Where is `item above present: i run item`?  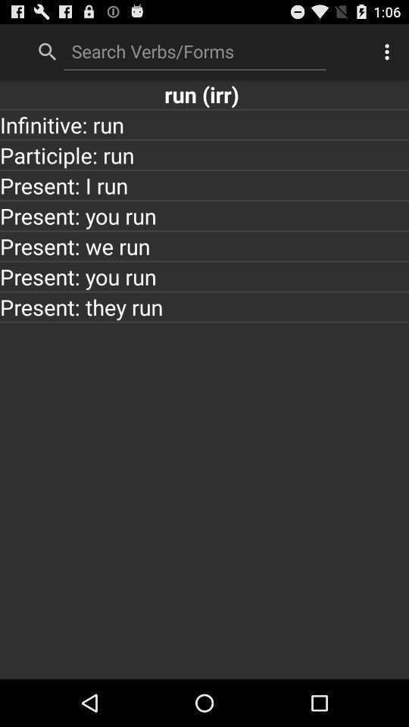
item above present: i run item is located at coordinates (204, 154).